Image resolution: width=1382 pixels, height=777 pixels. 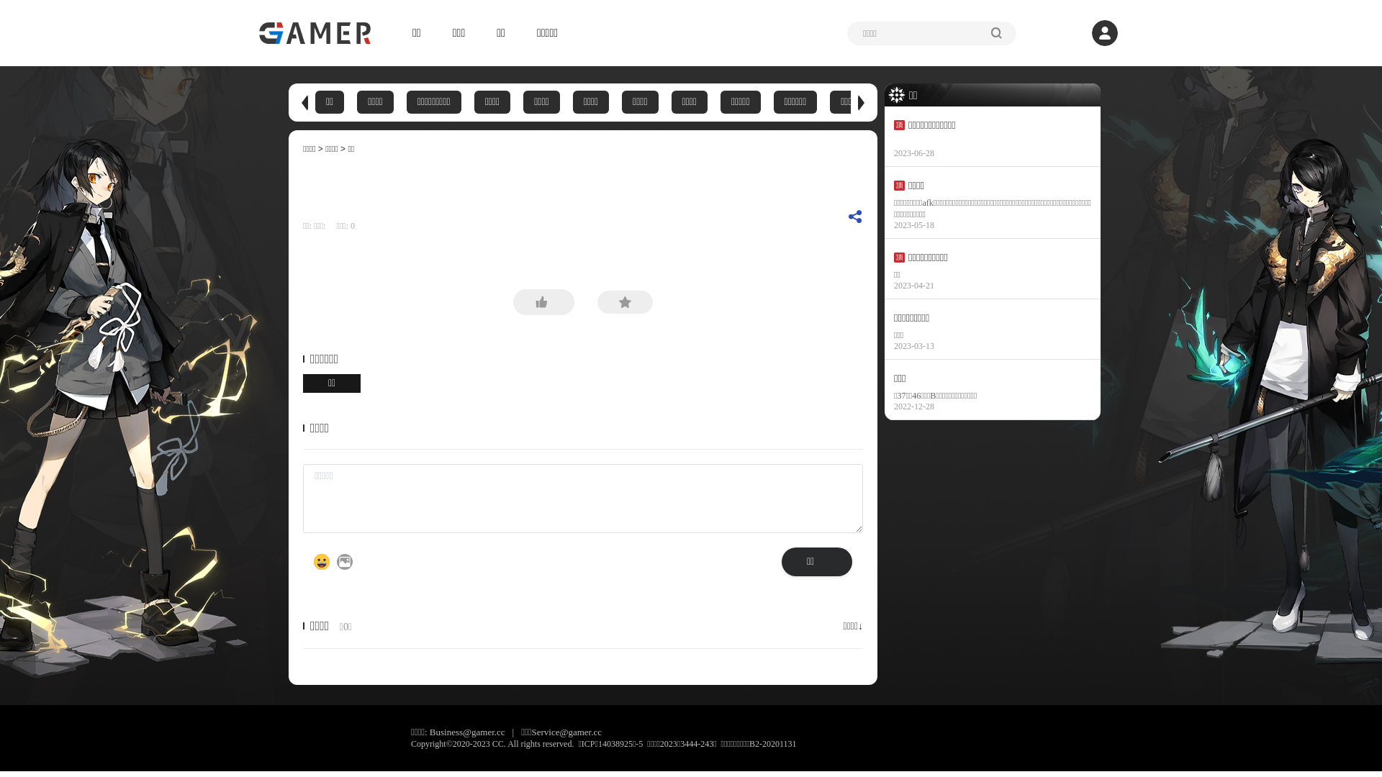 I want to click on '0', so click(x=350, y=225).